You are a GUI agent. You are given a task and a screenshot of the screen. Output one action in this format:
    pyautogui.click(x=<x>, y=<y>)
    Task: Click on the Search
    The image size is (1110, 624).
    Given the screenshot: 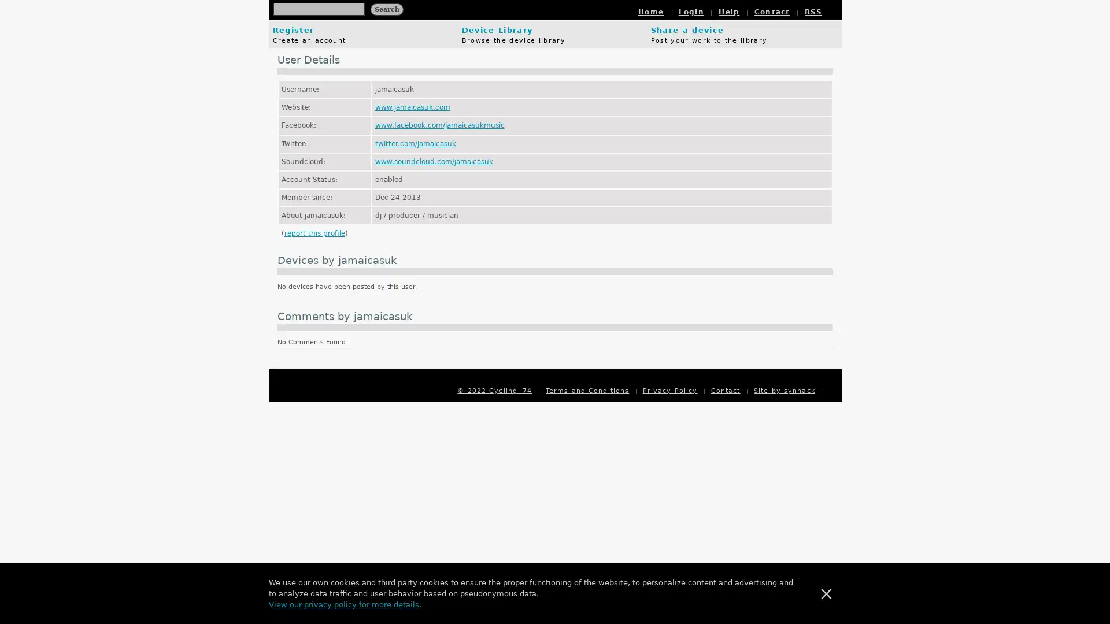 What is the action you would take?
    pyautogui.click(x=386, y=9)
    